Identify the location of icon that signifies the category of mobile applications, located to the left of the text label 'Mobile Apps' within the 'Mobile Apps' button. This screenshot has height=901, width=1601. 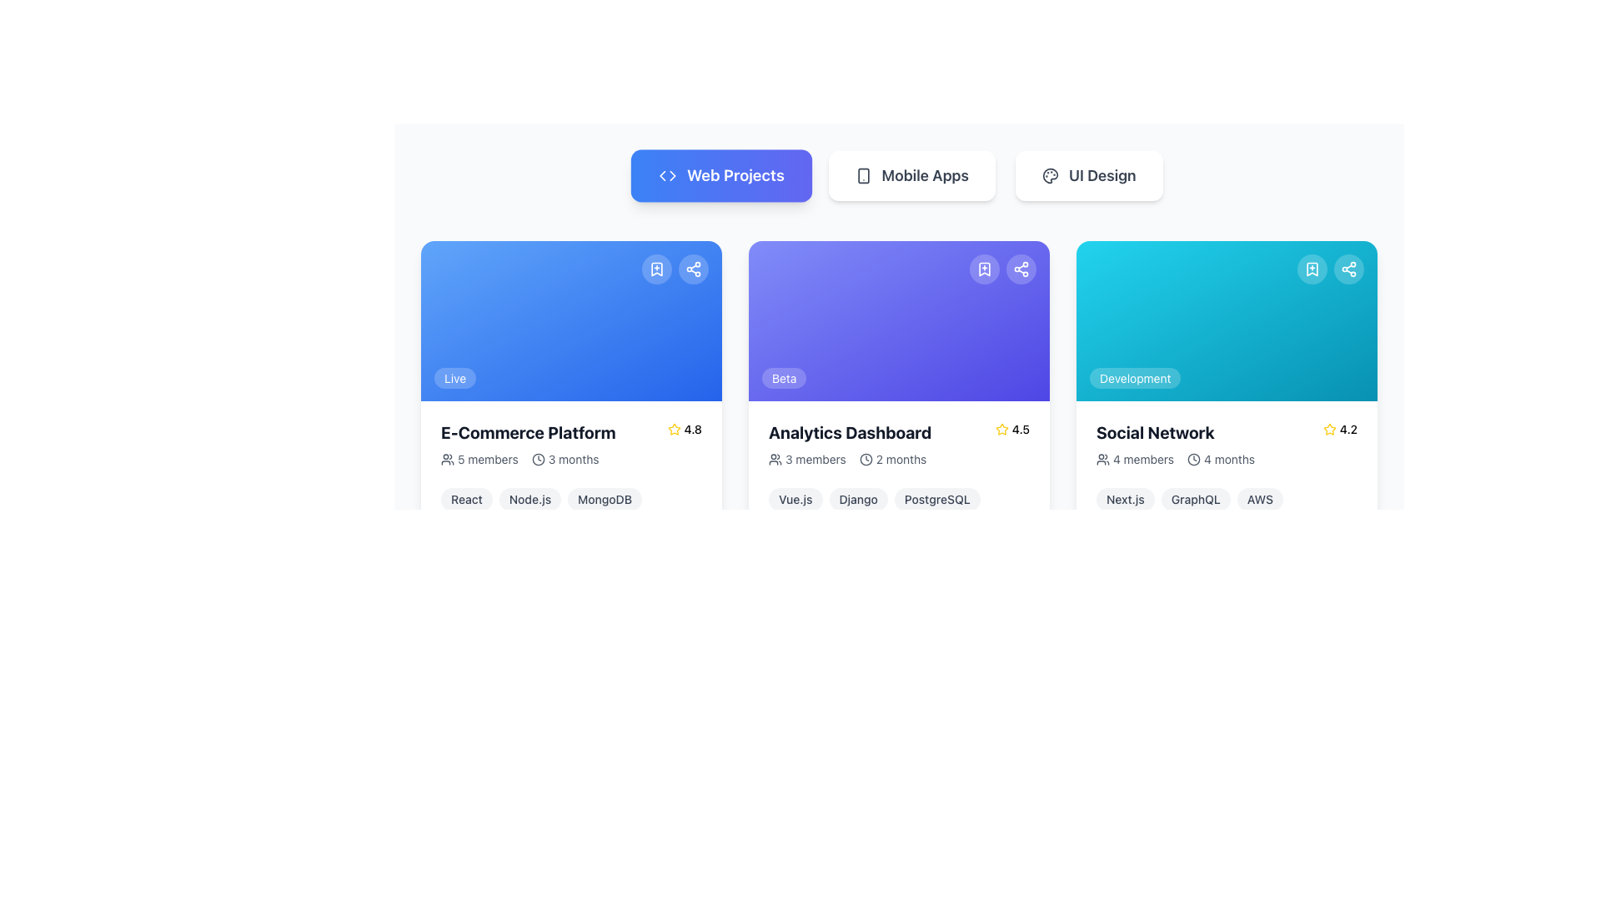
(863, 176).